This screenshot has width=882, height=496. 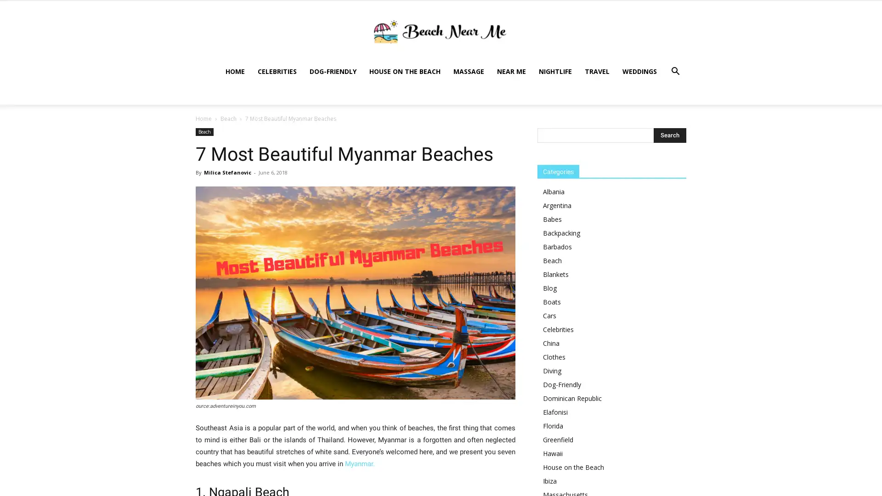 I want to click on Search, so click(x=670, y=113).